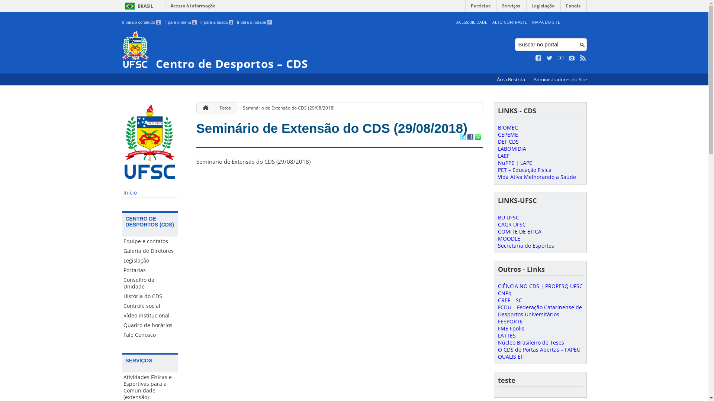 The height and width of the screenshot is (401, 714). What do you see at coordinates (538, 58) in the screenshot?
I see `'Curta no Facebook'` at bounding box center [538, 58].